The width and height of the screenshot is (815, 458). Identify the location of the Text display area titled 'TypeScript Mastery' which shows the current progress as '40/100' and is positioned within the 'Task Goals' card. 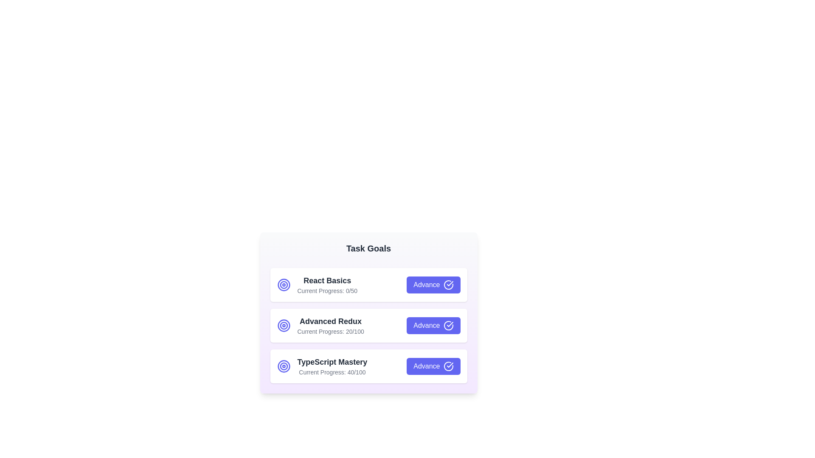
(321, 366).